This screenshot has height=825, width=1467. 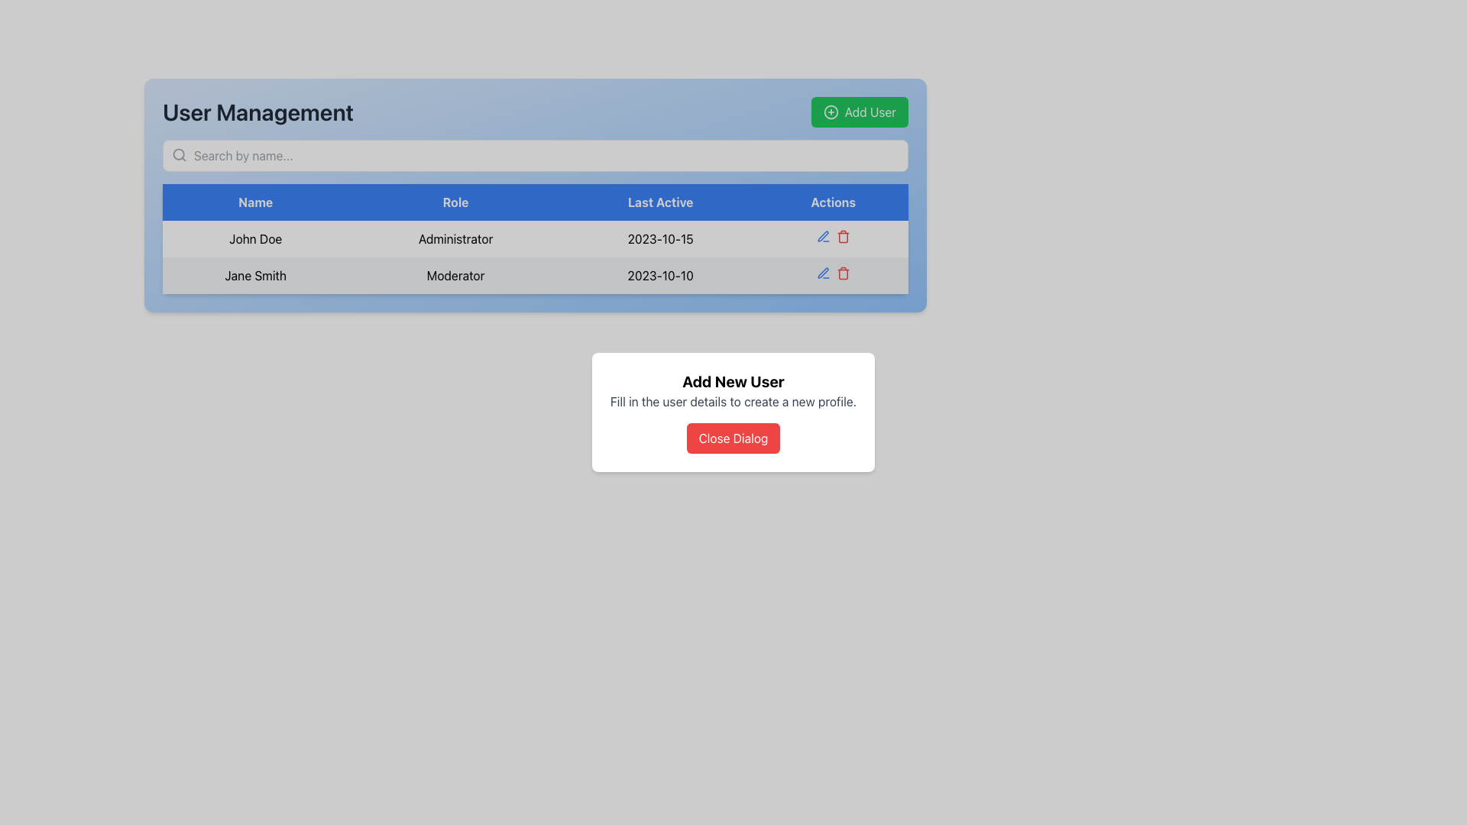 I want to click on the 'Add User' label, which is displayed in white on a green rectangular background and located at the top-right corner of the User Management panel, so click(x=870, y=111).